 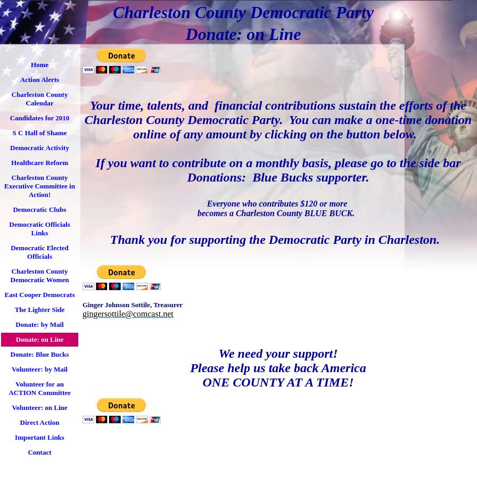 What do you see at coordinates (39, 118) in the screenshot?
I see `'Candidates for 2010'` at bounding box center [39, 118].